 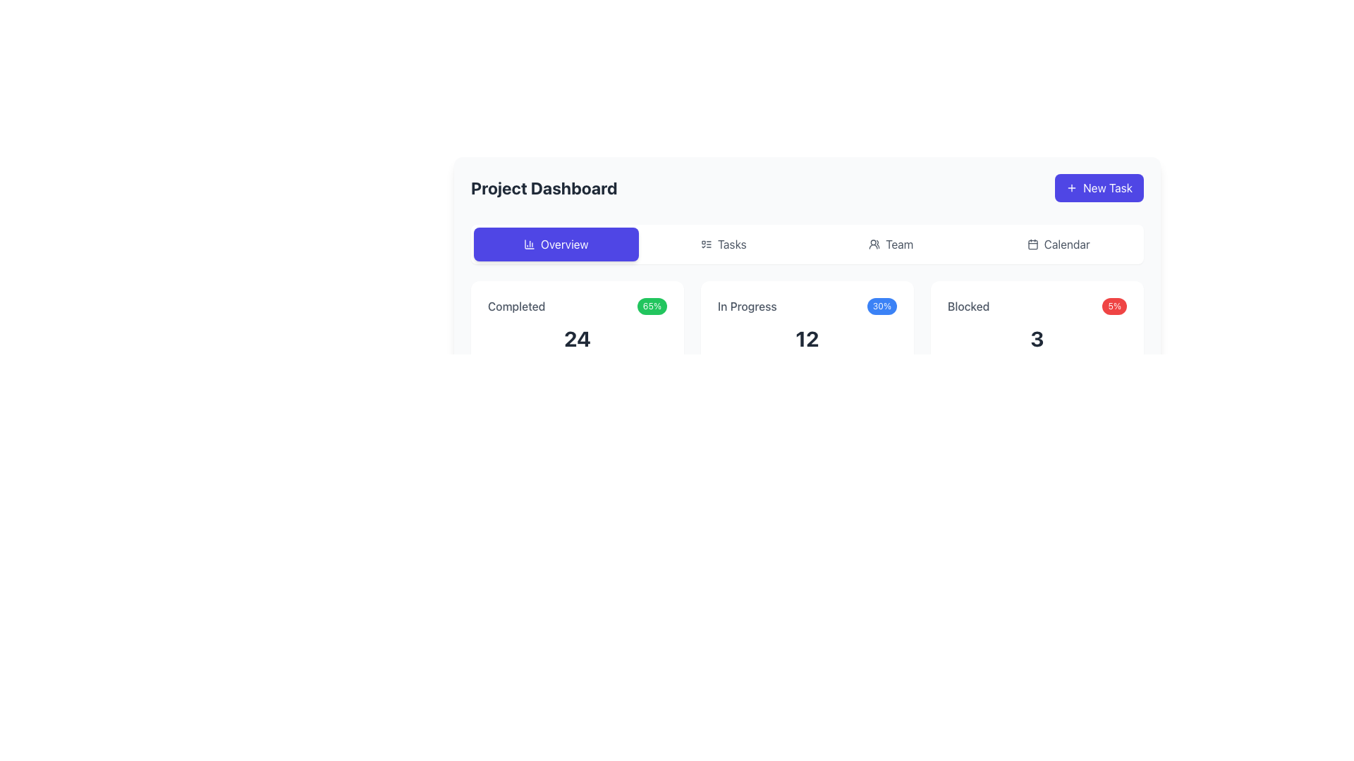 I want to click on the fourth button in the horizontal menu, which redirects to the calendar view, so click(x=1059, y=244).